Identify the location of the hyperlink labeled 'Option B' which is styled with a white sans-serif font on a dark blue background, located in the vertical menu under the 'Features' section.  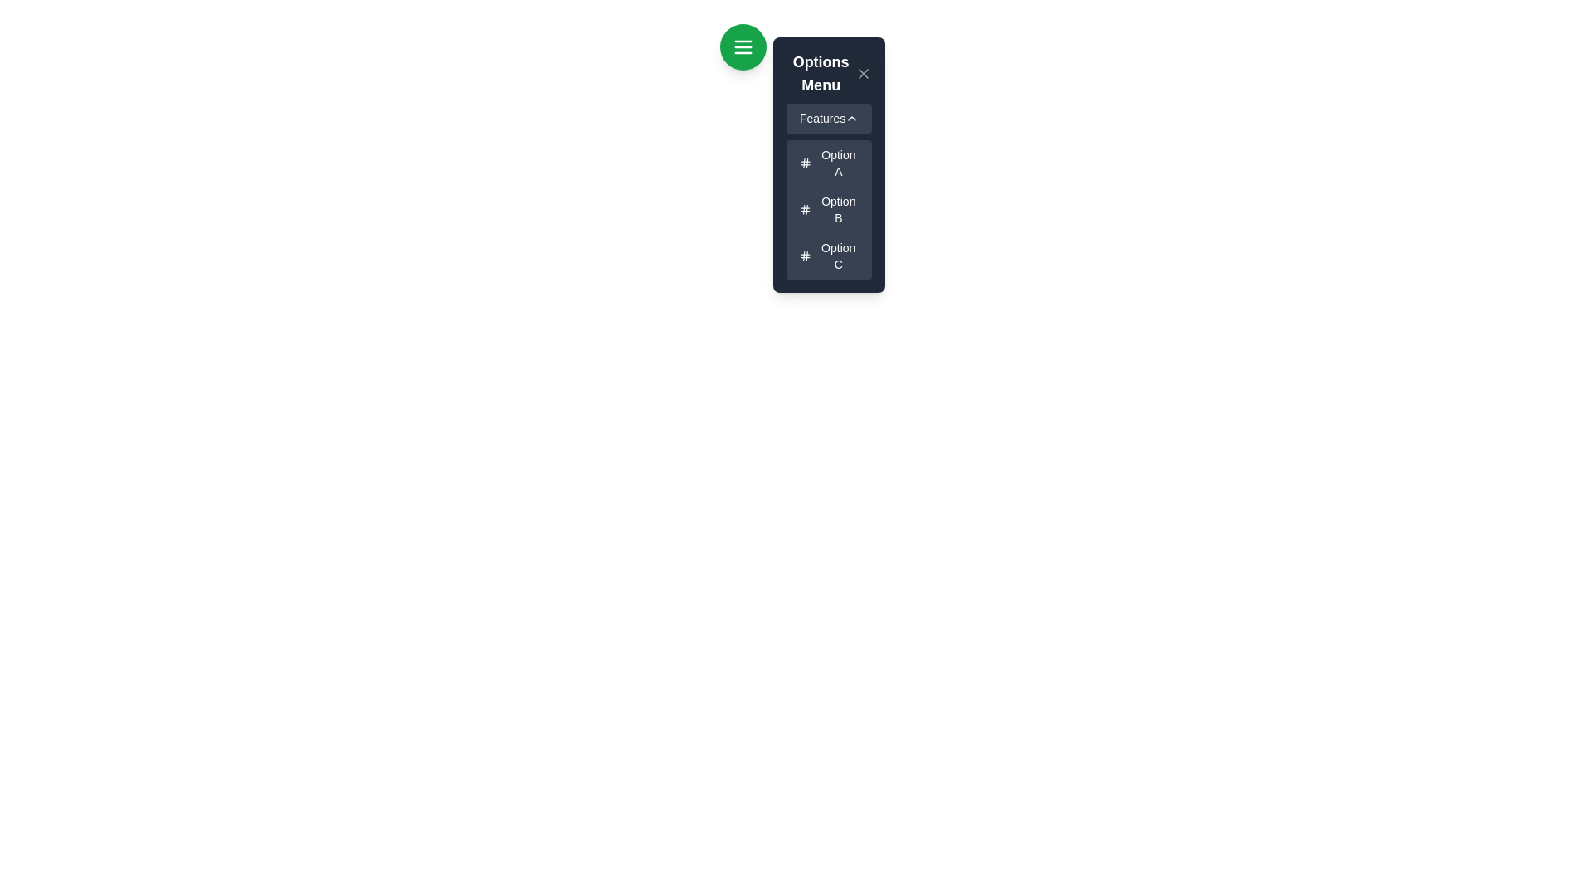
(829, 209).